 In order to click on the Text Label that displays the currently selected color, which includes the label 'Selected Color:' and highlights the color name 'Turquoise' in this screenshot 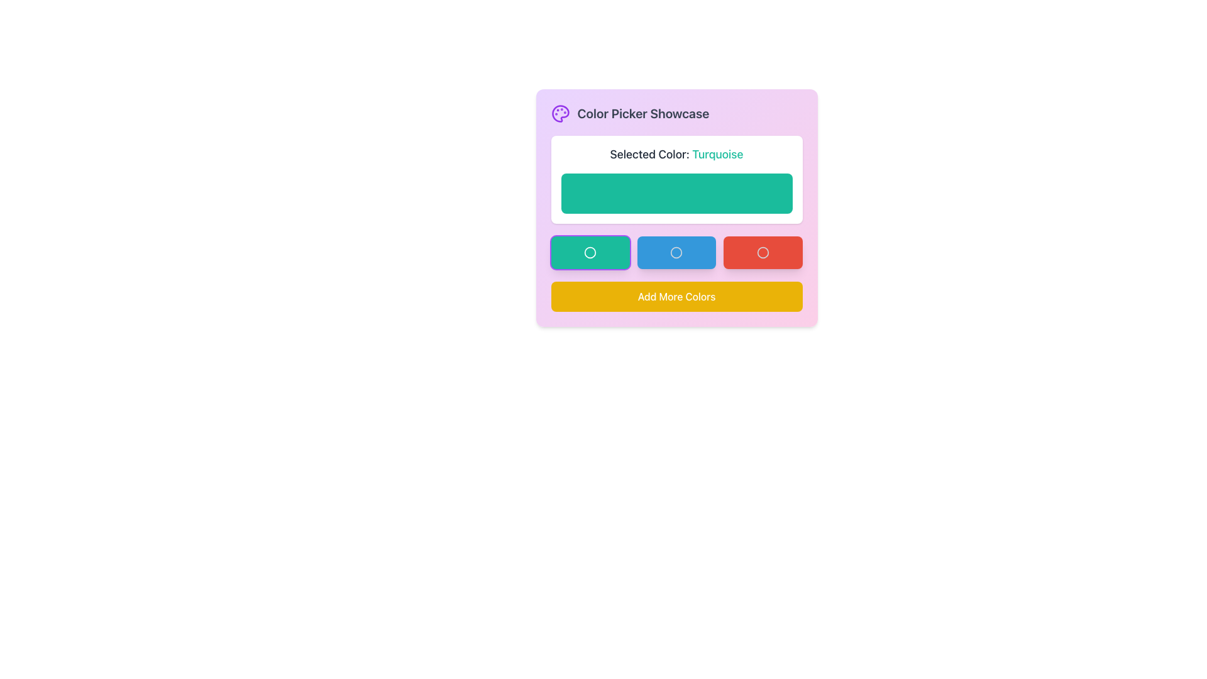, I will do `click(676, 154)`.